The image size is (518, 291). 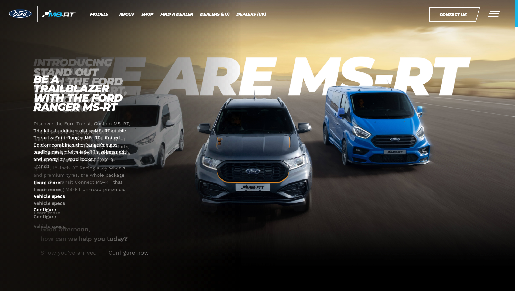 What do you see at coordinates (85, 14) in the screenshot?
I see `'MODELS'` at bounding box center [85, 14].